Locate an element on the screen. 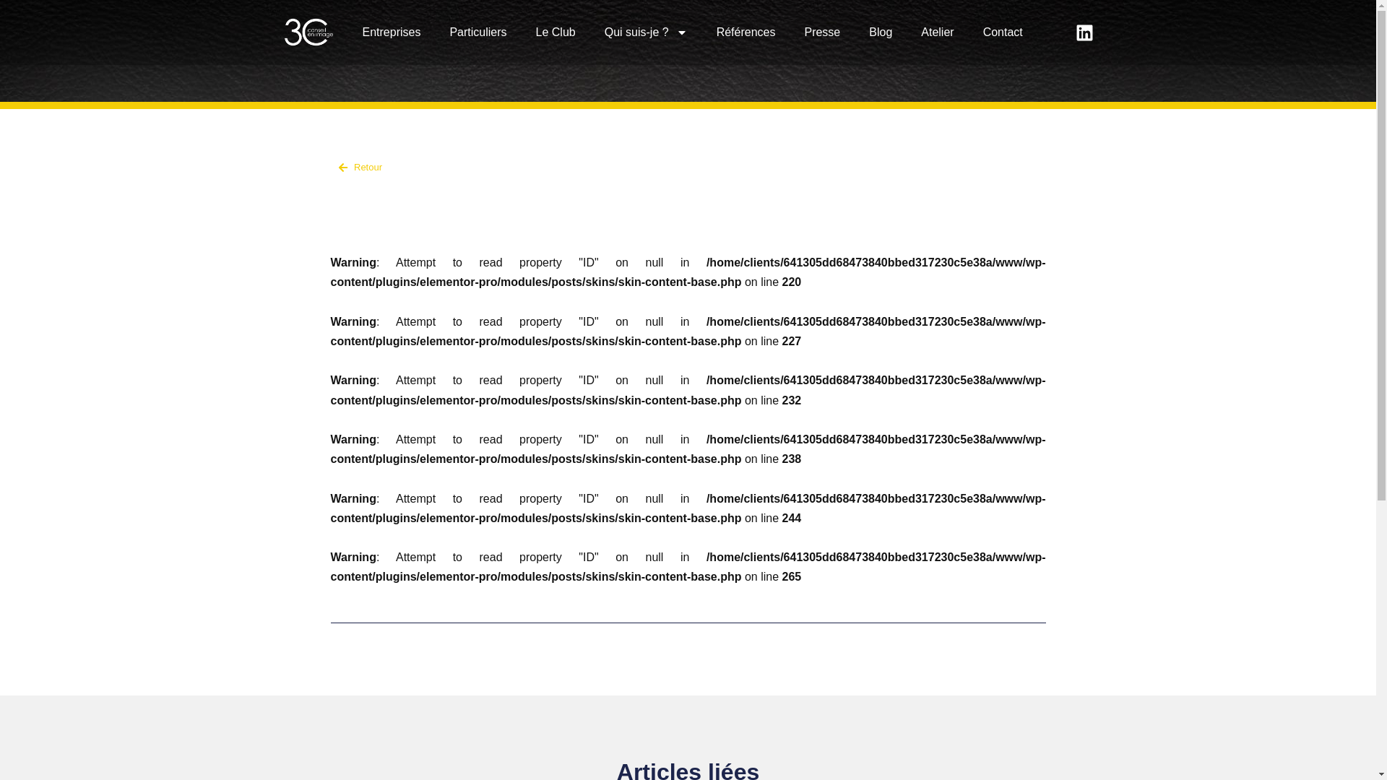  'Entreprises' is located at coordinates (347, 32).